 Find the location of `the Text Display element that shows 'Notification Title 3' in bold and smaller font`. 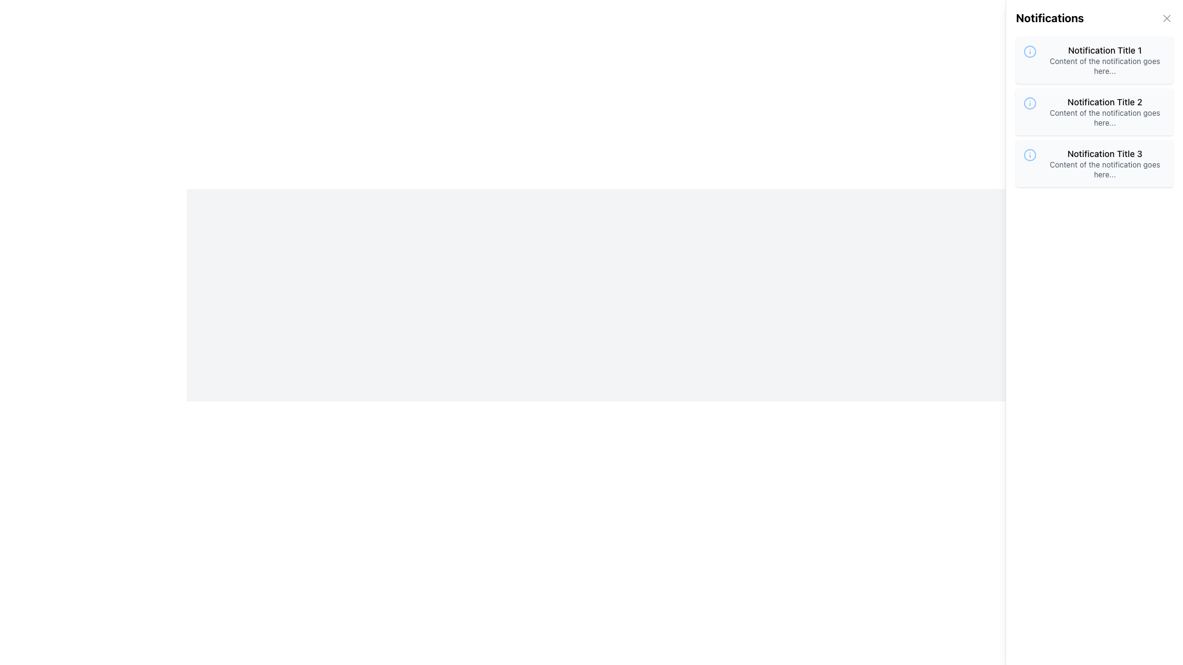

the Text Display element that shows 'Notification Title 3' in bold and smaller font is located at coordinates (1105, 153).